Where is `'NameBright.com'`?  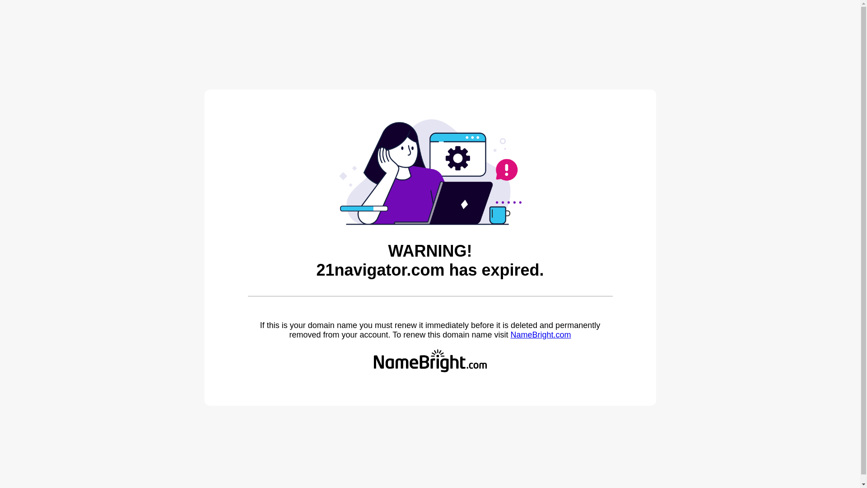
'NameBright.com' is located at coordinates (510, 334).